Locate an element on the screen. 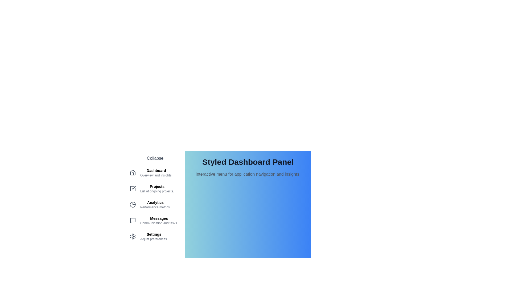 The width and height of the screenshot is (511, 287). the menu item corresponding to Messages is located at coordinates (155, 220).